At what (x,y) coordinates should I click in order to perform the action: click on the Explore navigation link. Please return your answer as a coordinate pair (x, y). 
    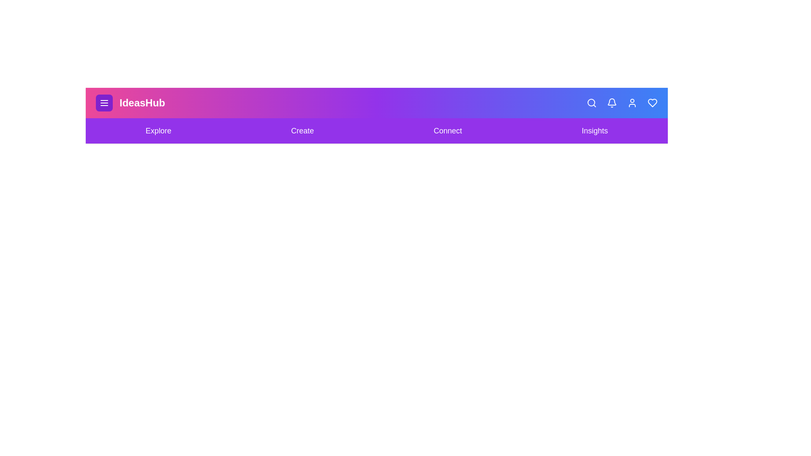
    Looking at the image, I should click on (158, 130).